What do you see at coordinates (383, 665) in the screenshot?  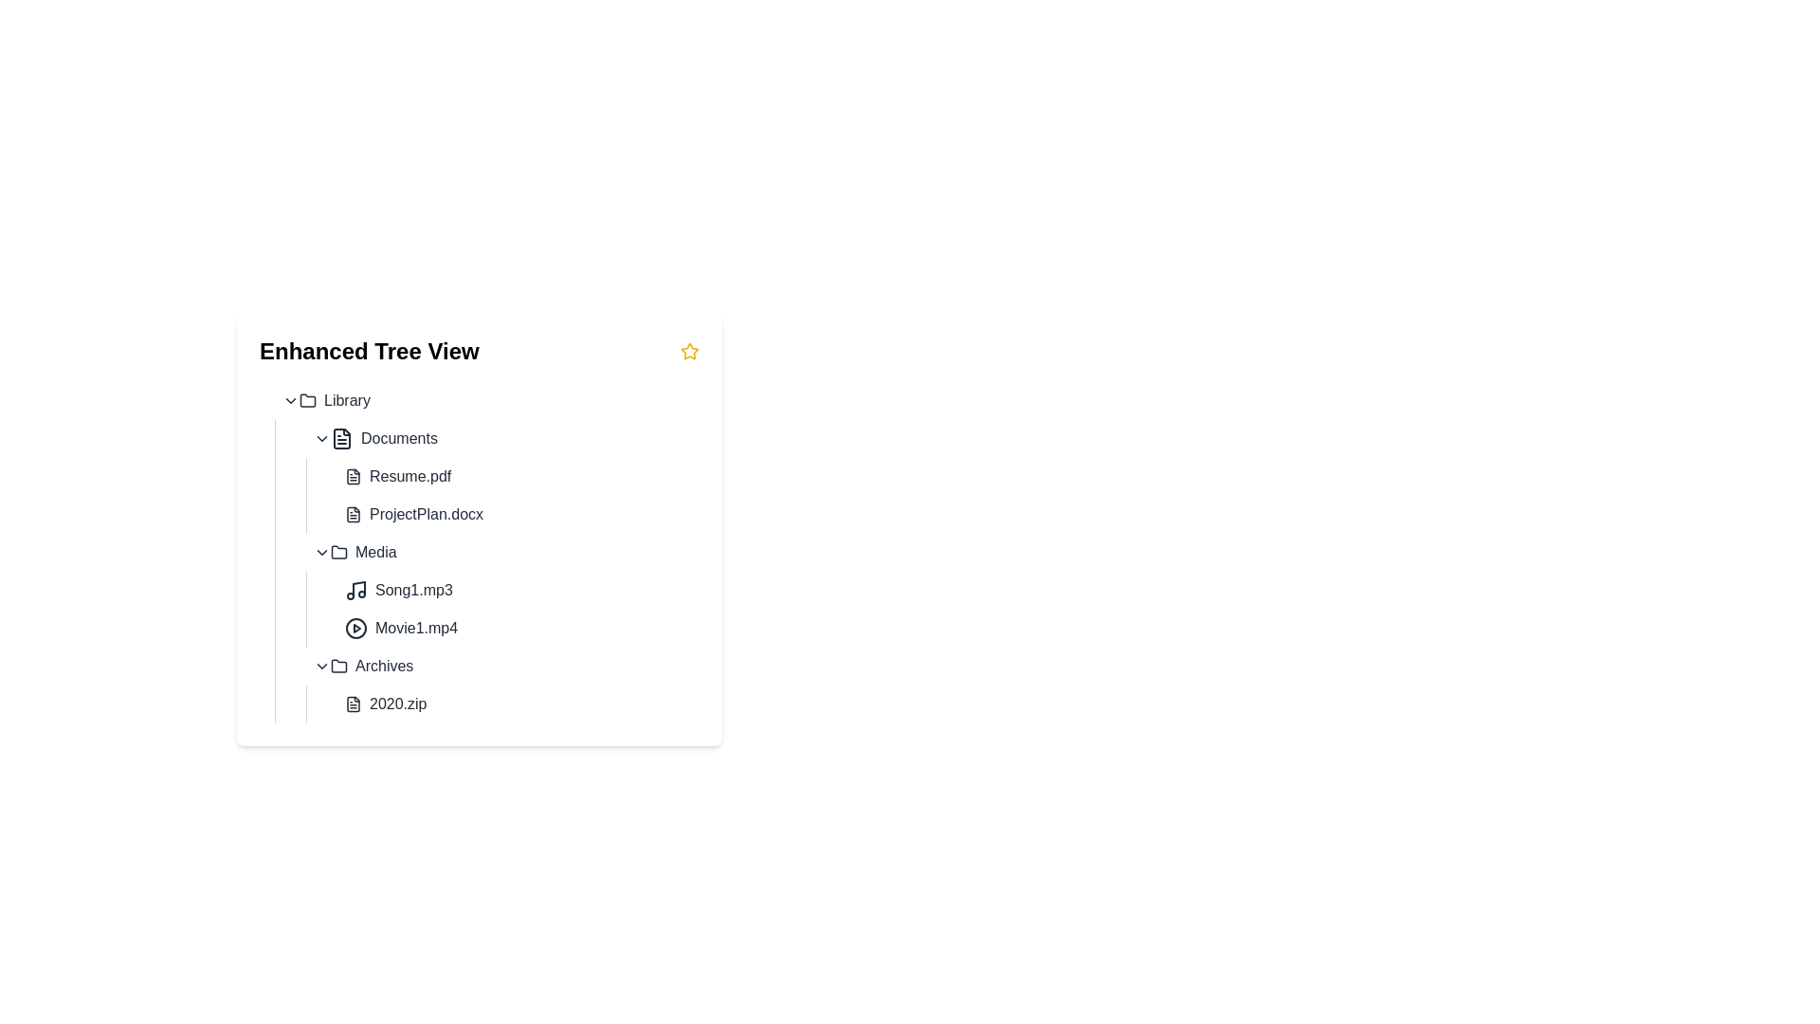 I see `text label displaying 'Archives' located in the 'Enhanced Tree View' interface under the 'Library' section, next to the folder icon` at bounding box center [383, 665].